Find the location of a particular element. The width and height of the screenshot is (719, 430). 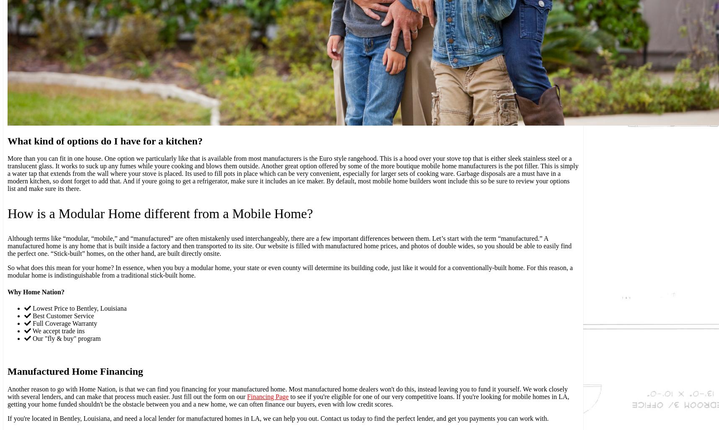

'What kind of options do I have for a kitchen?' is located at coordinates (104, 140).